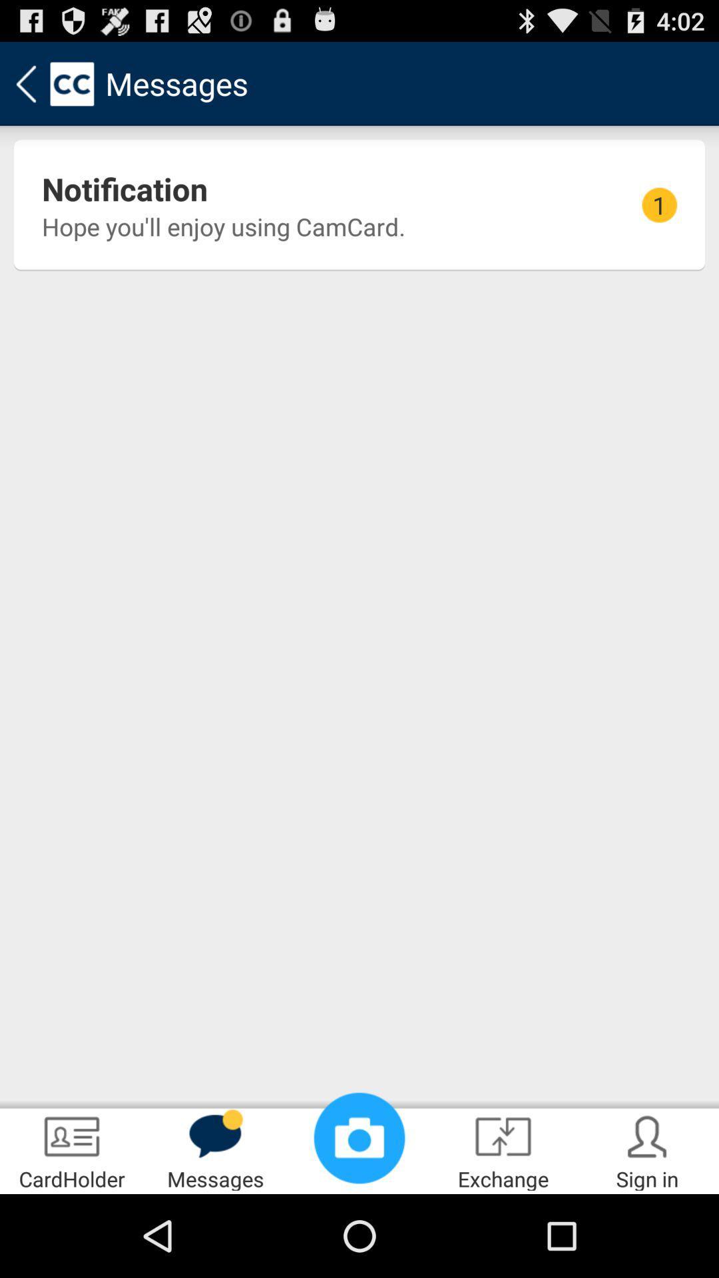 This screenshot has height=1278, width=719. I want to click on icon to the left of exchange item, so click(359, 1137).